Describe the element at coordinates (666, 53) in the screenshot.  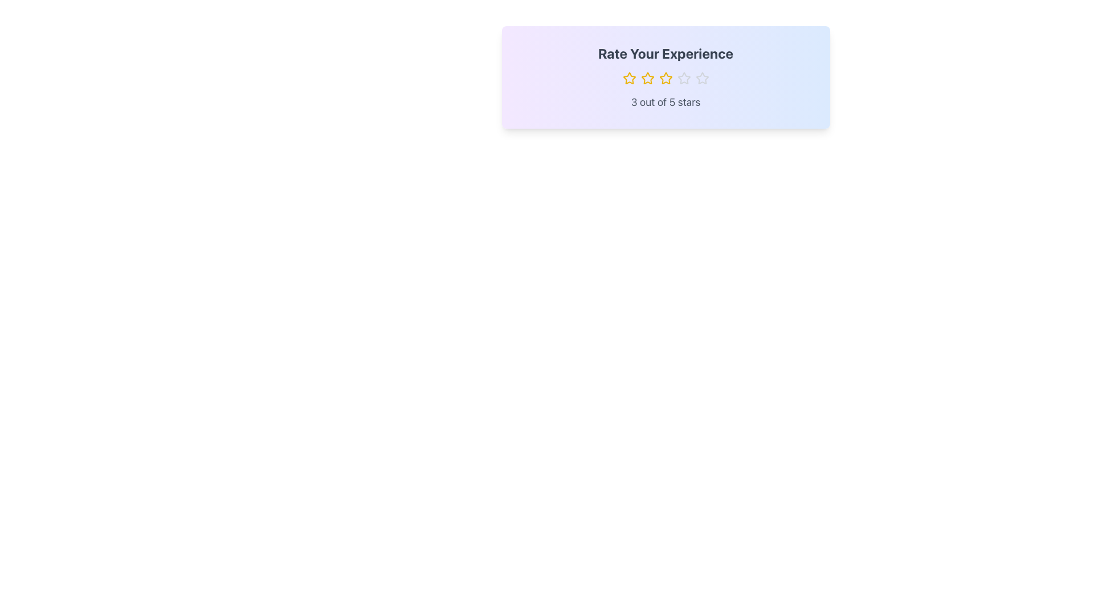
I see `the title or heading text element that serves as the context for the rating section, positioned above the star rating component` at that location.